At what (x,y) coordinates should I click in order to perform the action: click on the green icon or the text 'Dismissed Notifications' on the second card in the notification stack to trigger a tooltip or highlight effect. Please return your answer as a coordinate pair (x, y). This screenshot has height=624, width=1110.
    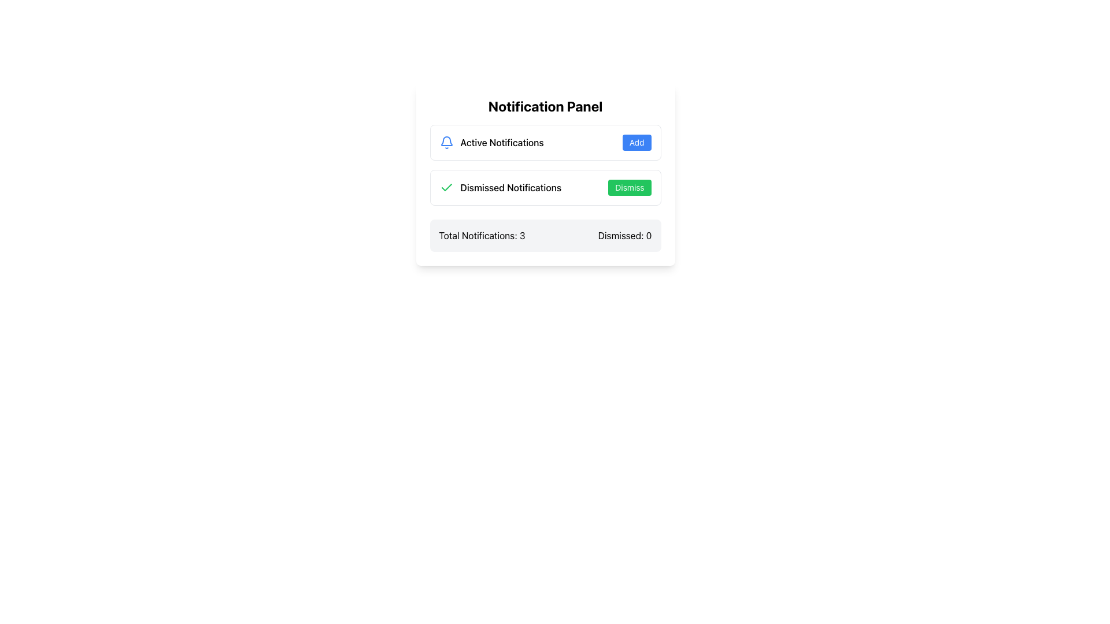
    Looking at the image, I should click on (545, 187).